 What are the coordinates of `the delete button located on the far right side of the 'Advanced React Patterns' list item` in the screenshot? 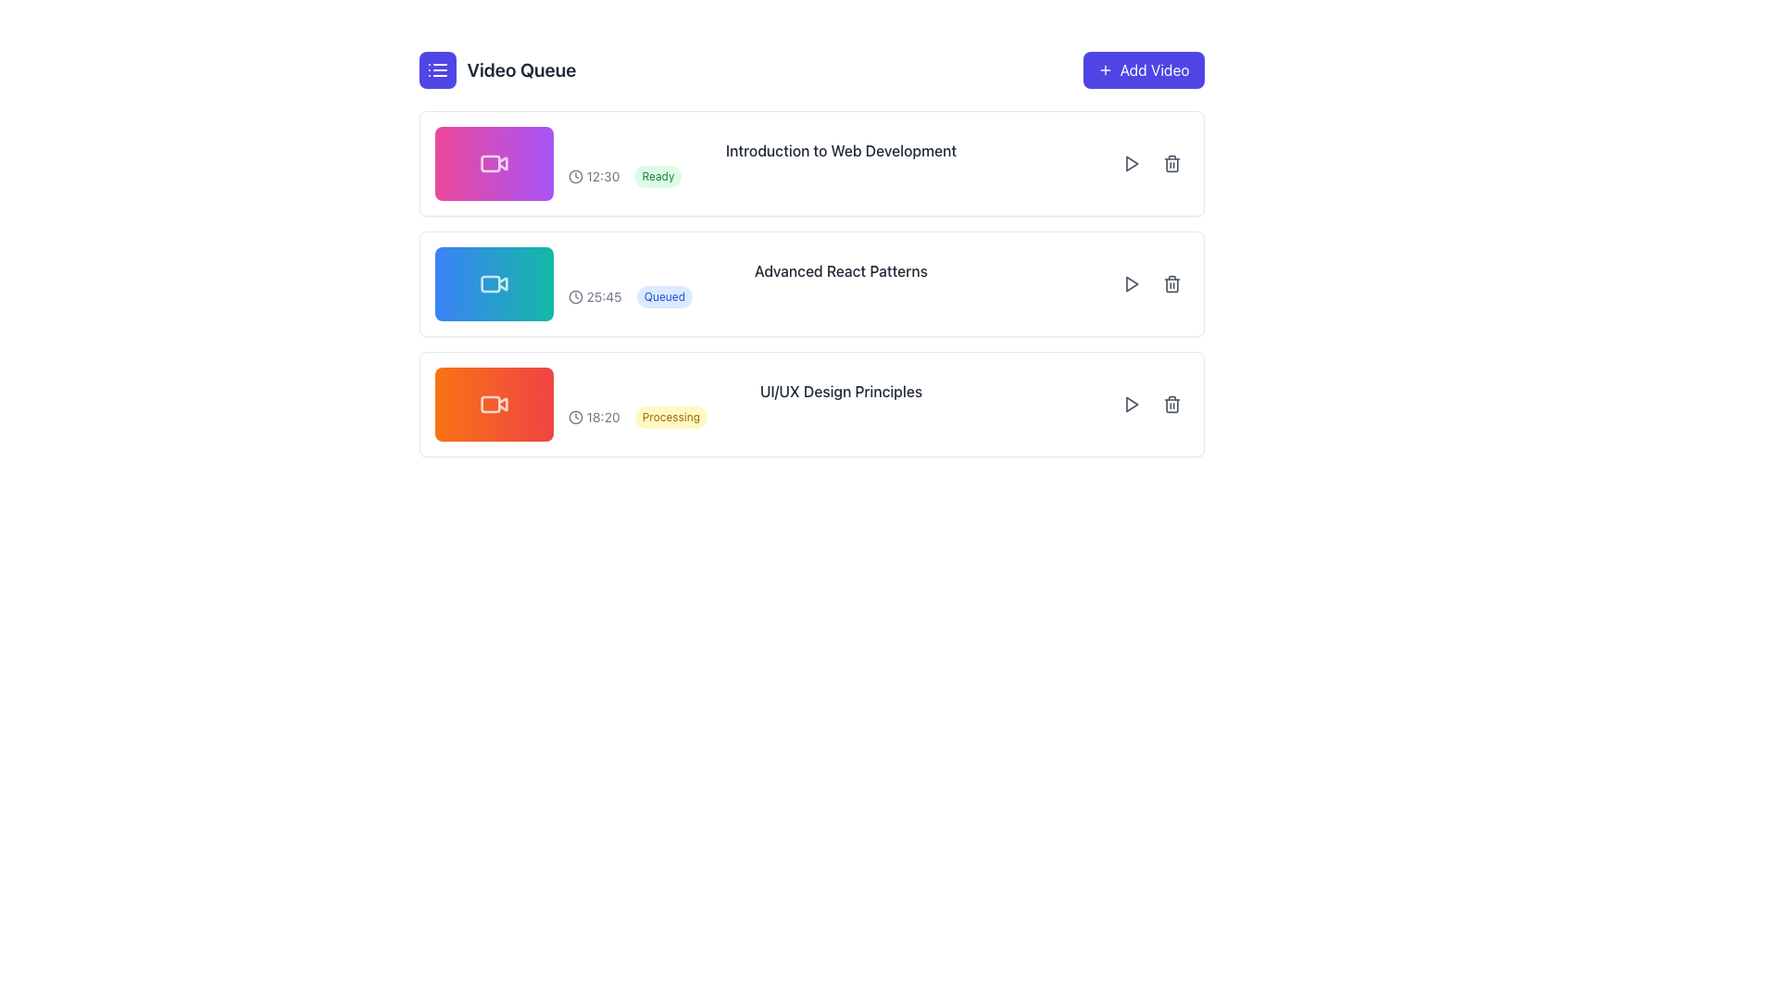 It's located at (1171, 284).